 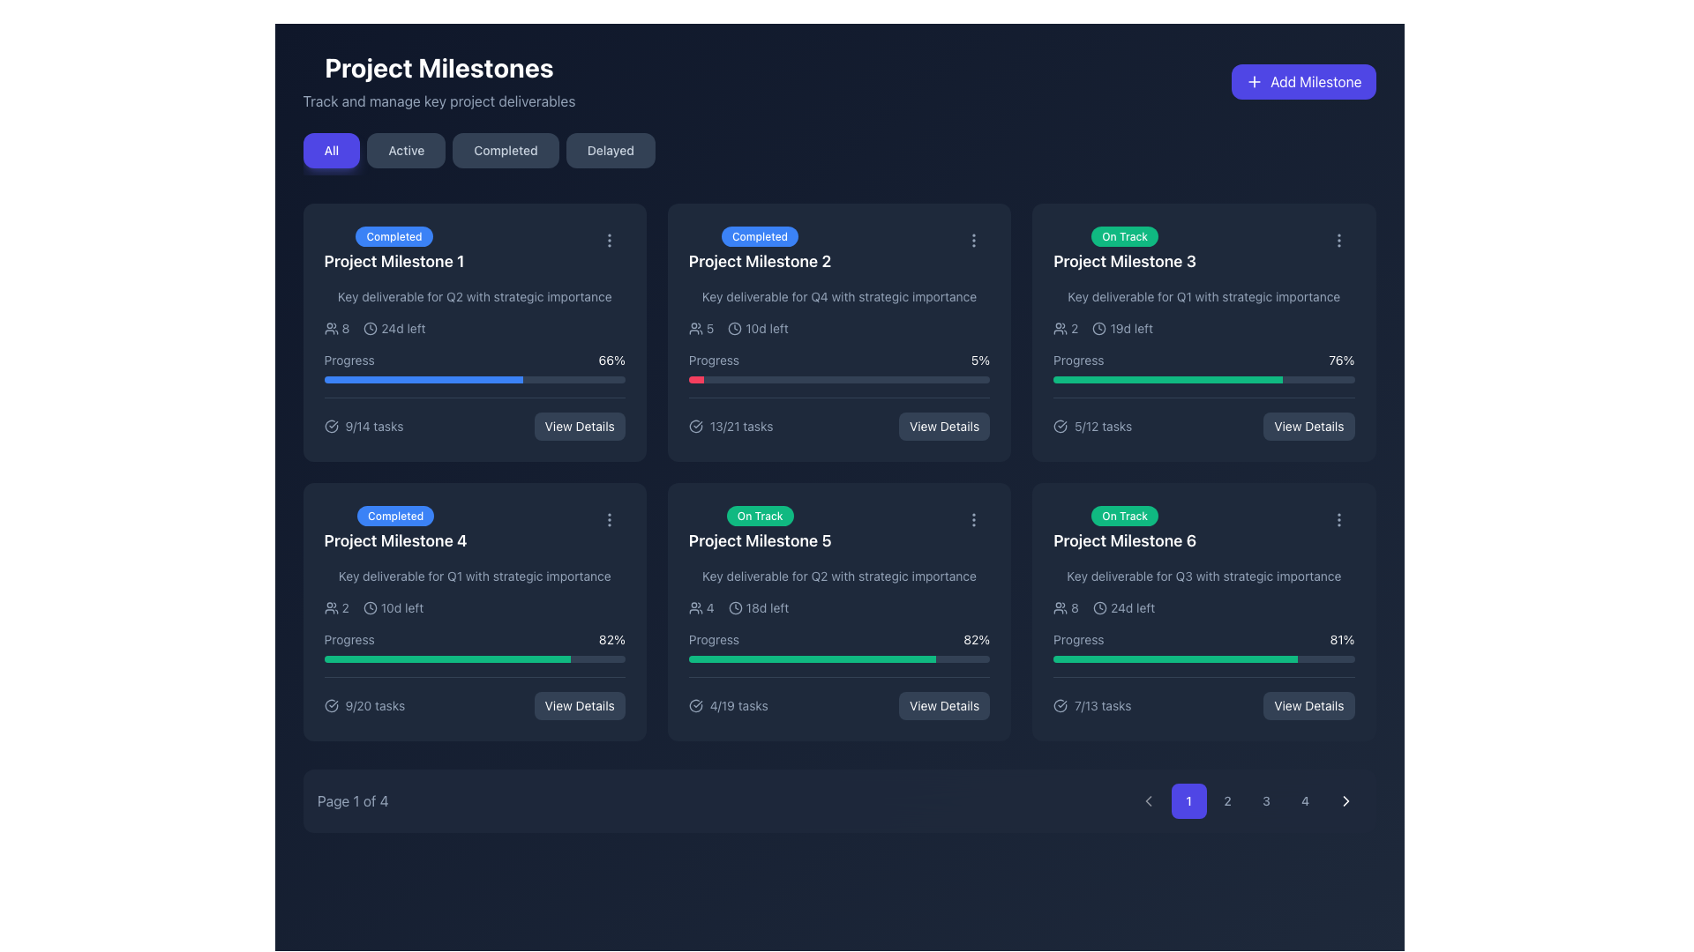 I want to click on the Text label displaying the project milestone title located in the bottom-left corner of the 'On Track' card, which is part of the second row in the grid layout, so click(x=760, y=539).